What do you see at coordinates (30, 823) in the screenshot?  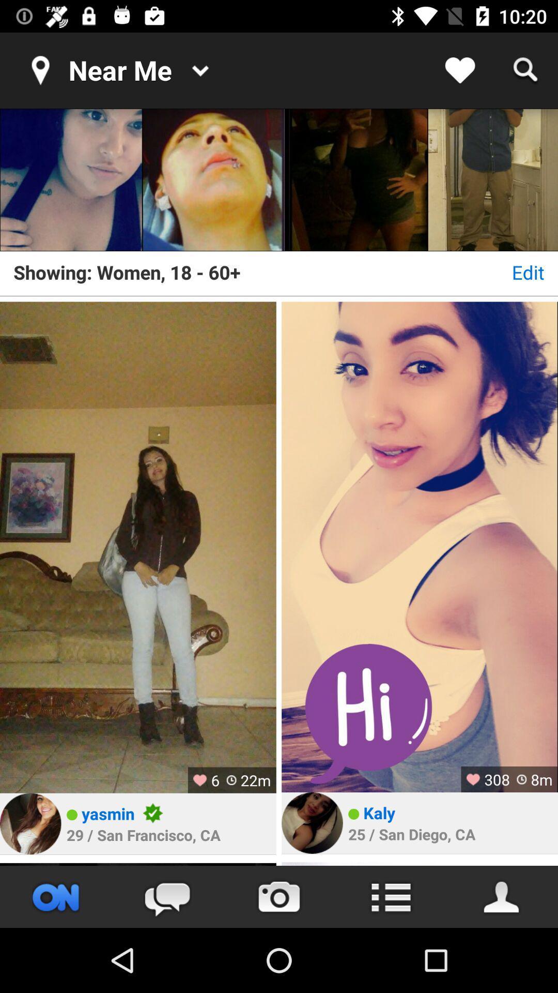 I see `profile` at bounding box center [30, 823].